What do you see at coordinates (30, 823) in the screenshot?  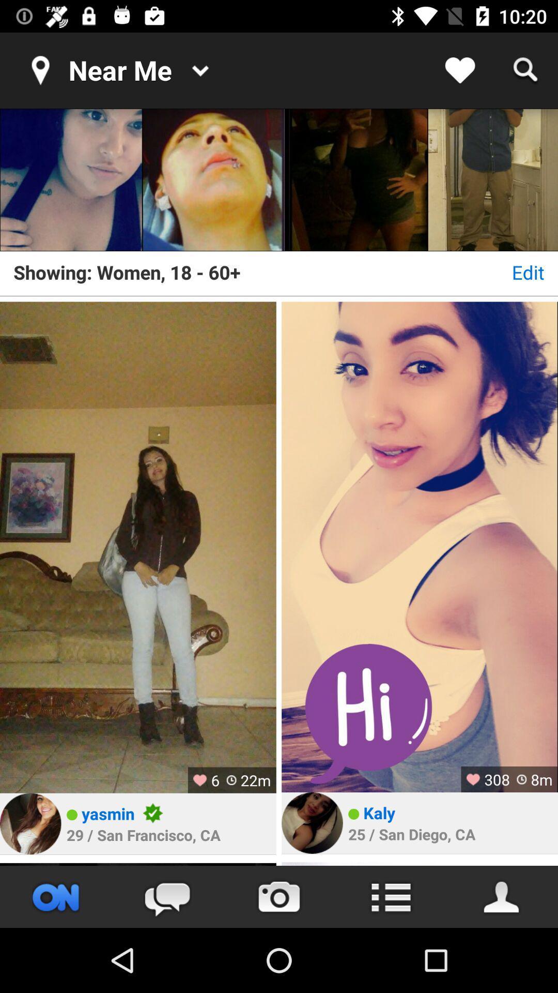 I see `profile` at bounding box center [30, 823].